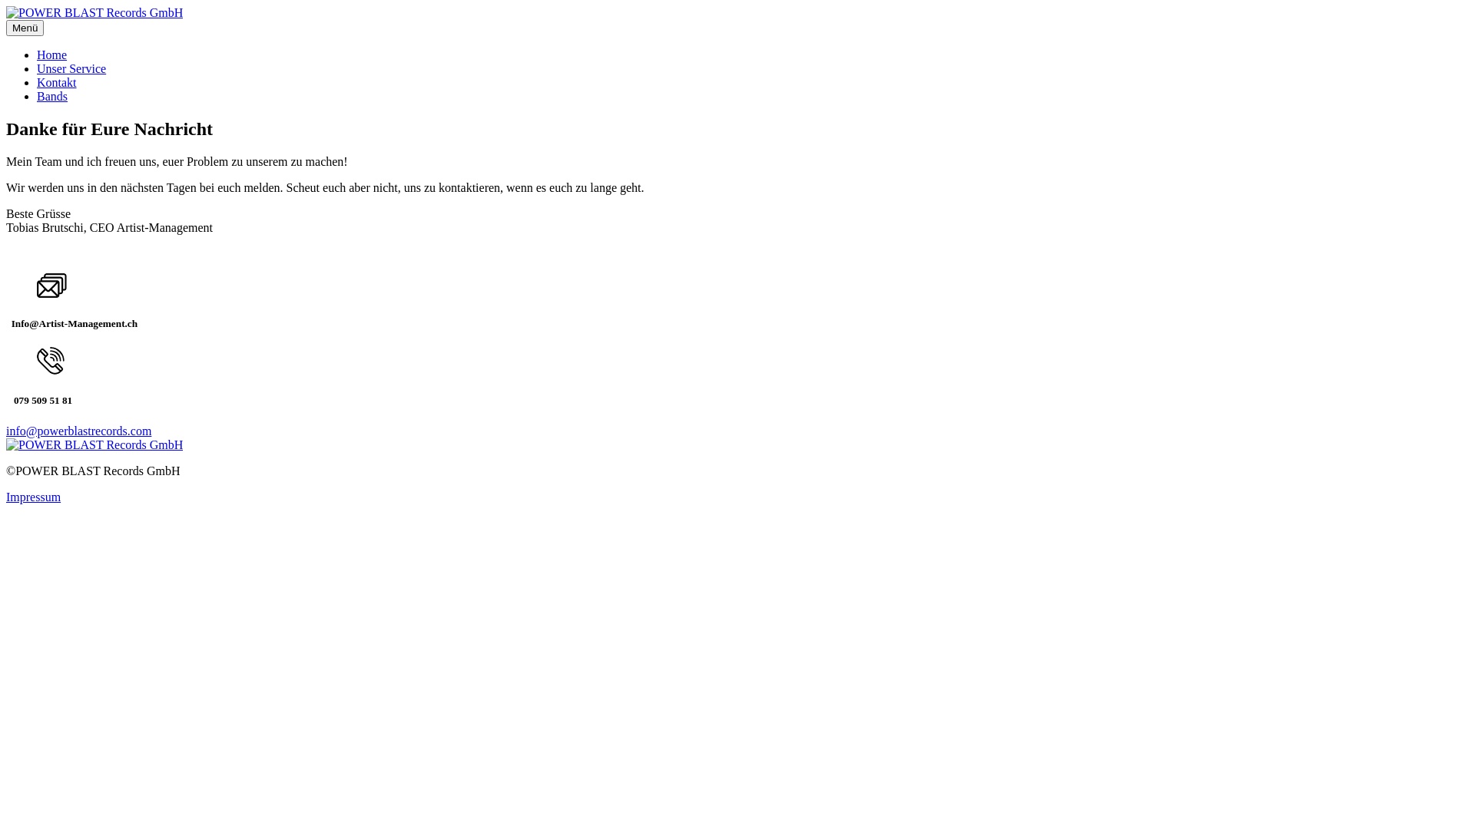 The width and height of the screenshot is (1475, 829). What do you see at coordinates (33, 496) in the screenshot?
I see `'Impressum'` at bounding box center [33, 496].